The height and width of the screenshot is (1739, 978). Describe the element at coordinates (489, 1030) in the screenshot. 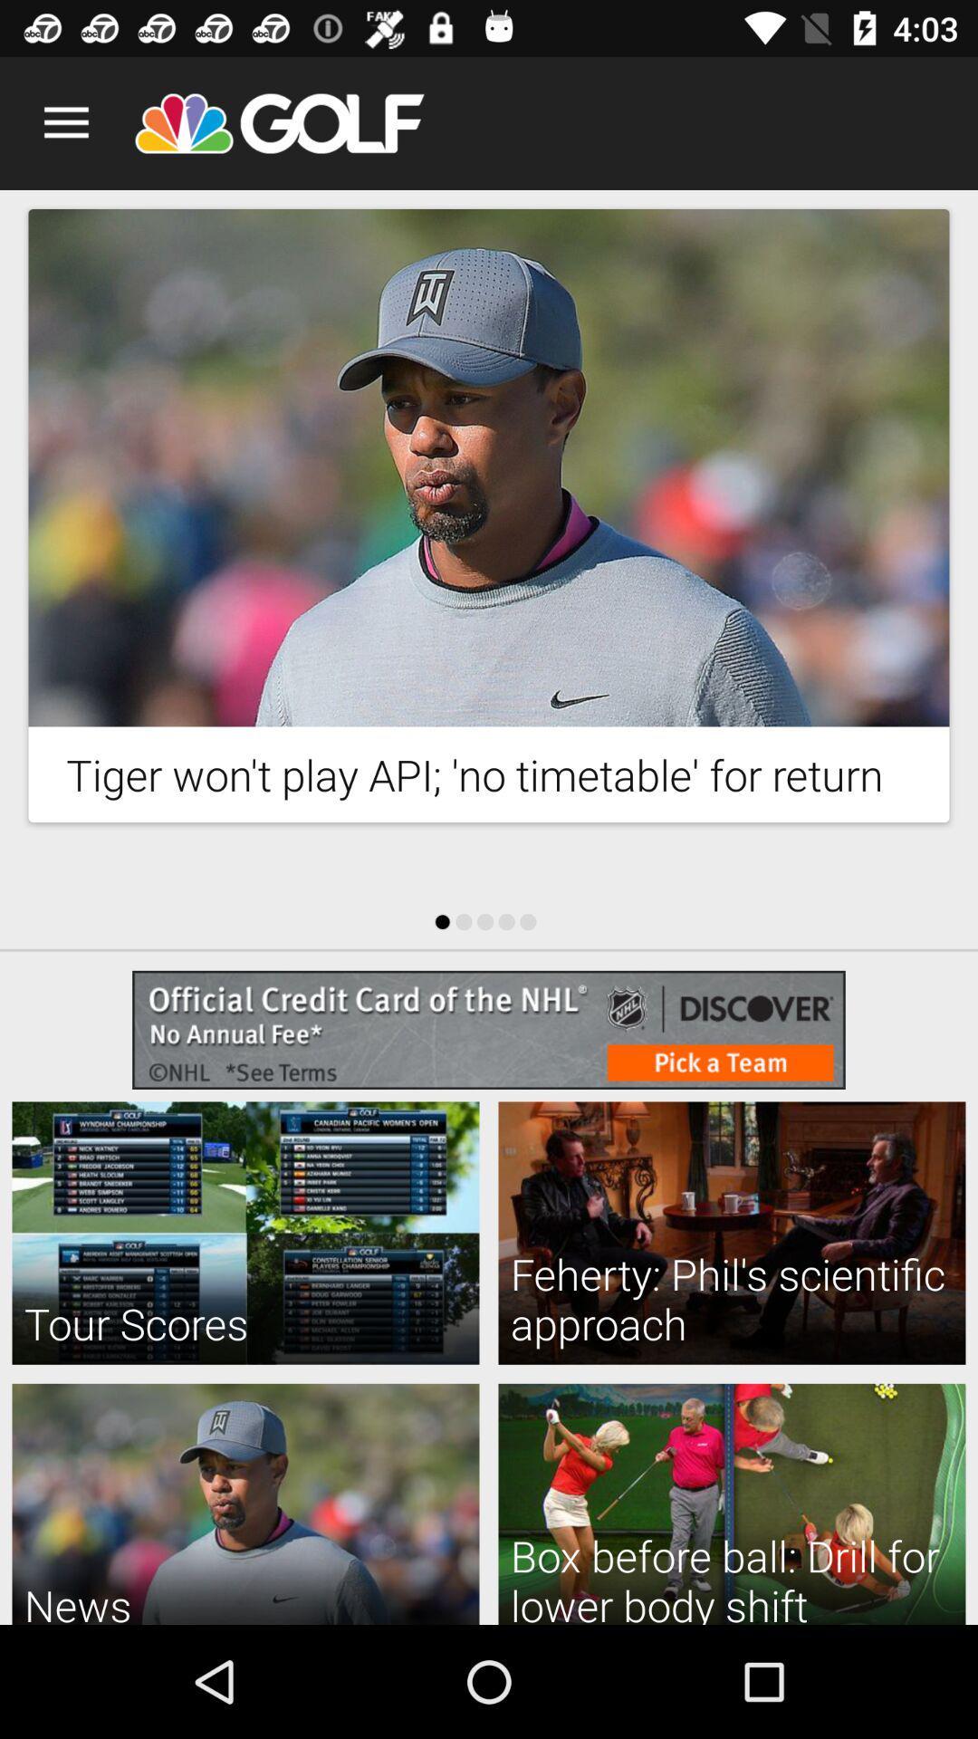

I see `website` at that location.